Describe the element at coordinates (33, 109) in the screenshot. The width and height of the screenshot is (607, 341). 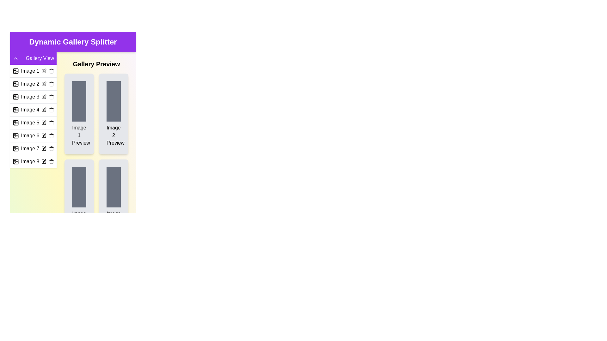
I see `the edit icon of the list item representing 'Image 4' in the Gallery View panel to initiate editing` at that location.